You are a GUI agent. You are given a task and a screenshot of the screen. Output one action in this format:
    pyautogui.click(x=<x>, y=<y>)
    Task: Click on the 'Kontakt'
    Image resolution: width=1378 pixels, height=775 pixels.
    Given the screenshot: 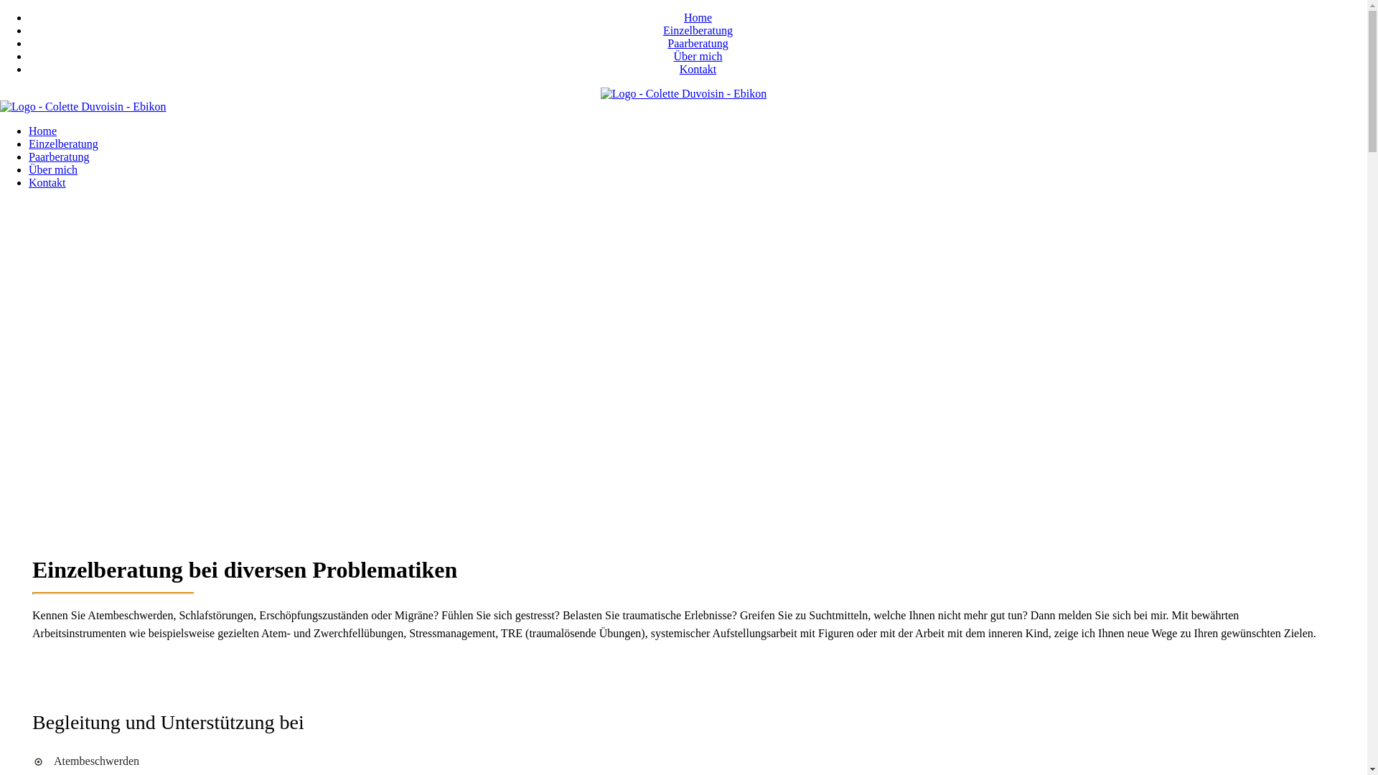 What is the action you would take?
    pyautogui.click(x=47, y=182)
    